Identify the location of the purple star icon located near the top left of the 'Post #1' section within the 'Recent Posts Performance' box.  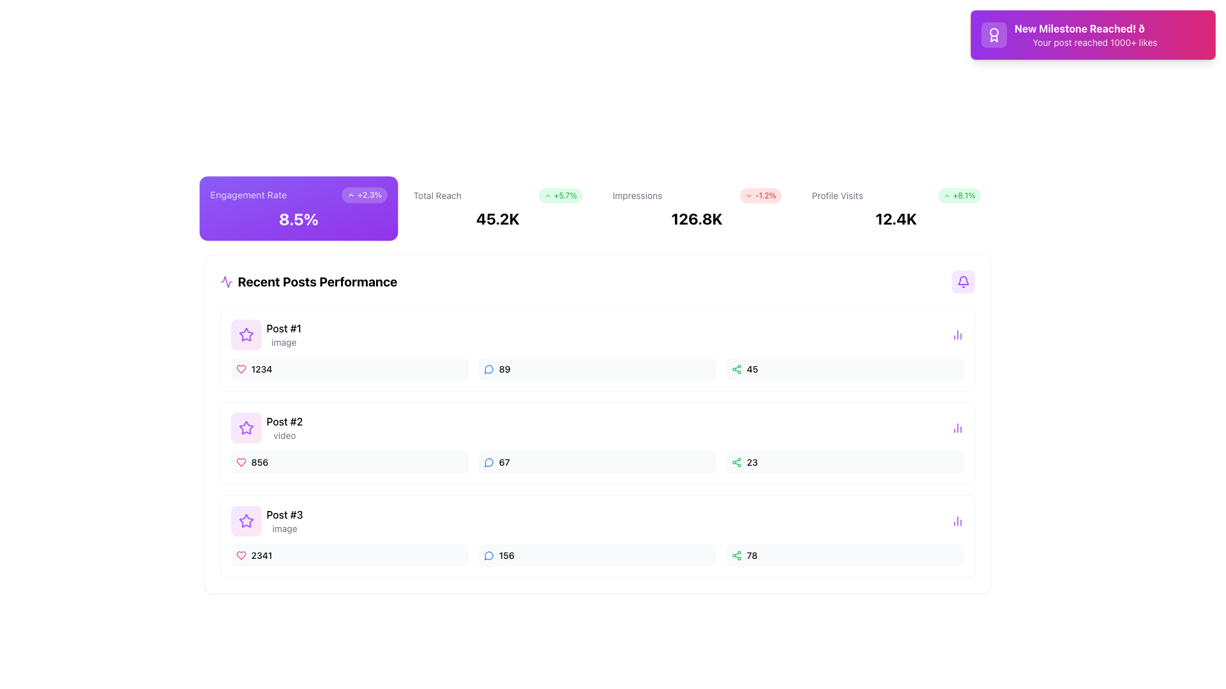
(246, 427).